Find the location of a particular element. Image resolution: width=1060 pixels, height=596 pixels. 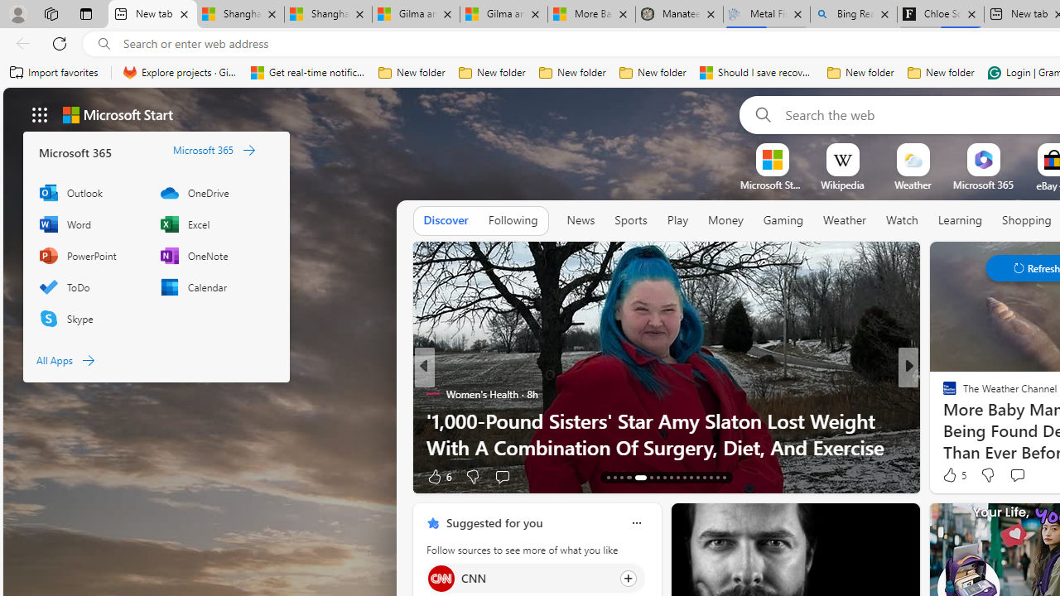

'Indy 100' is located at coordinates (942, 393).